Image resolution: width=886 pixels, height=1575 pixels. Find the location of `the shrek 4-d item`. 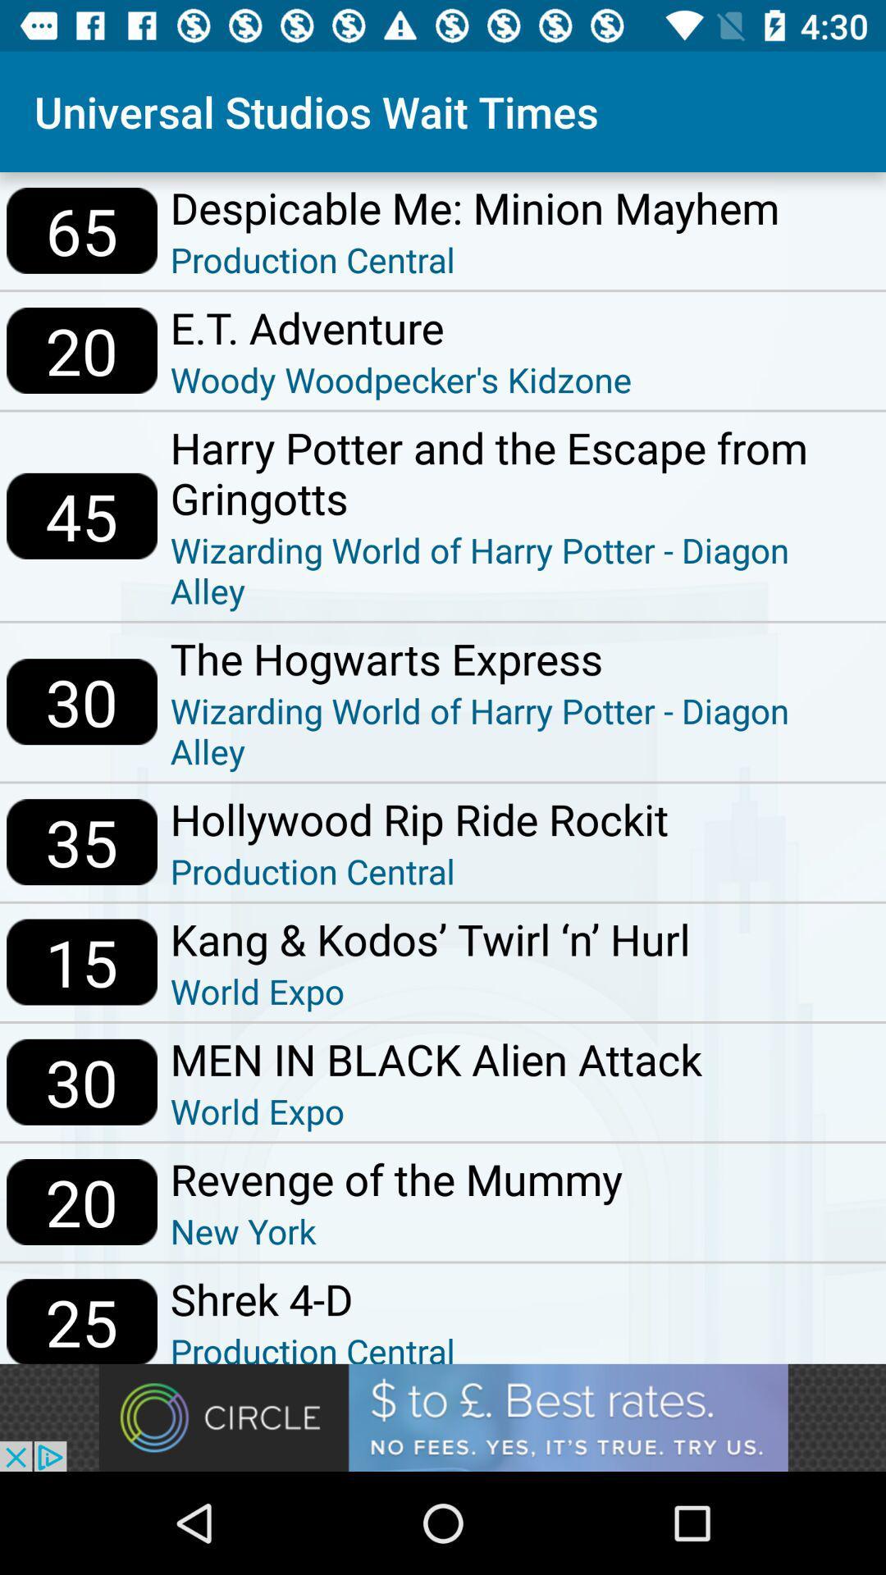

the shrek 4-d item is located at coordinates (313, 1298).